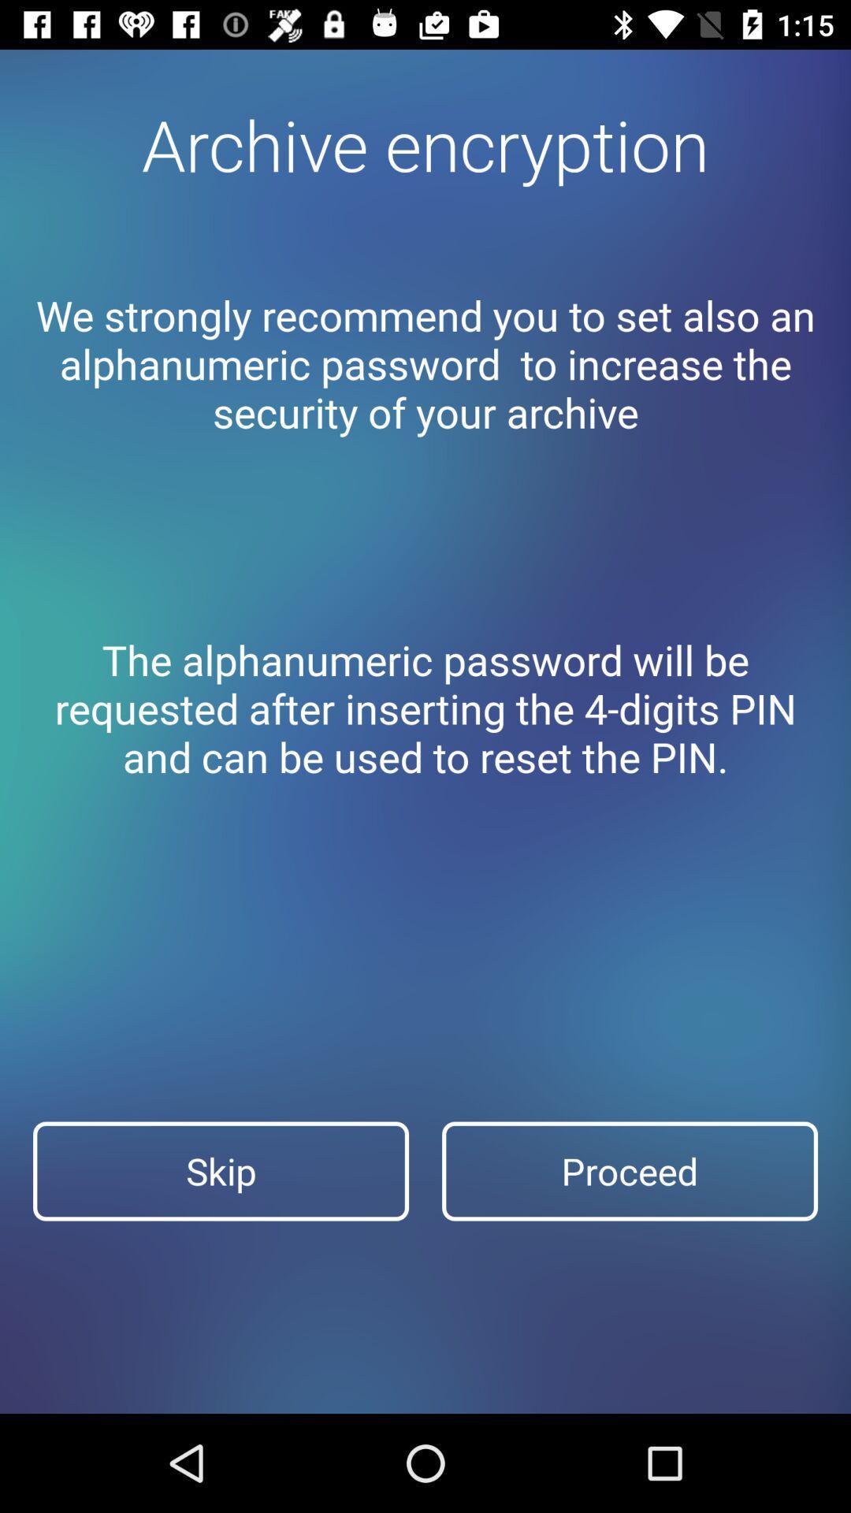 This screenshot has width=851, height=1513. What do you see at coordinates (629, 1171) in the screenshot?
I see `the item next to the skip item` at bounding box center [629, 1171].